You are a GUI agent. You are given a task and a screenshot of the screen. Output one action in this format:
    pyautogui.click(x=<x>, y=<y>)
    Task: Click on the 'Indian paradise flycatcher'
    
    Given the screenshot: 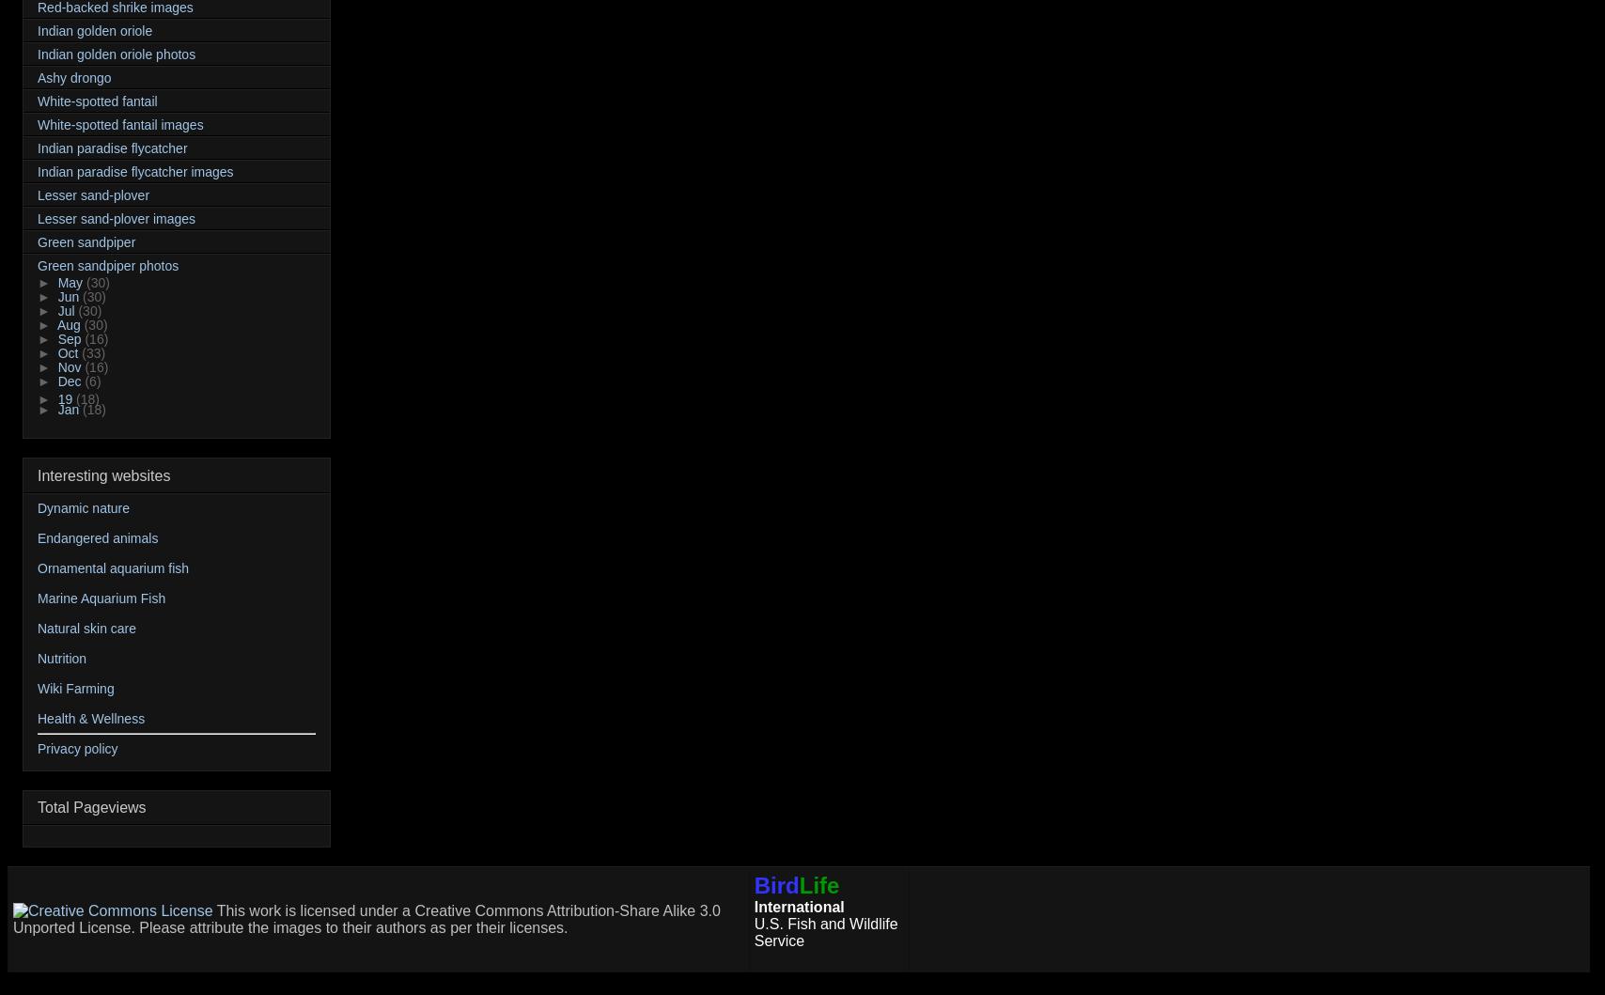 What is the action you would take?
    pyautogui.click(x=37, y=147)
    